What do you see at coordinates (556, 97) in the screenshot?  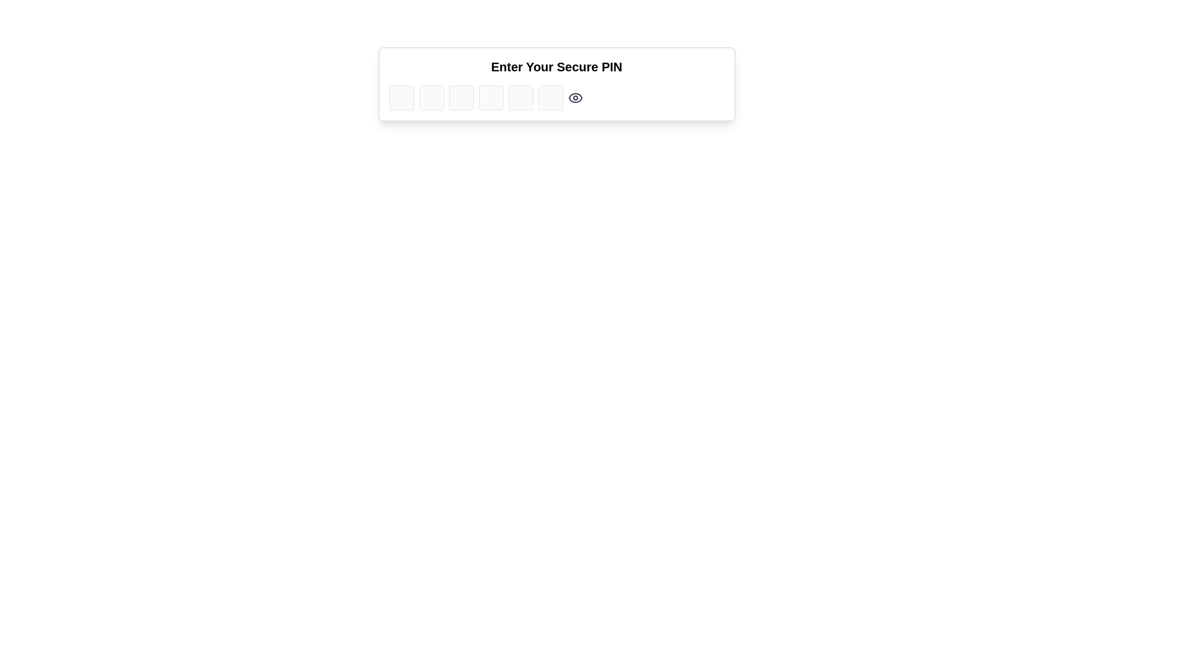 I see `the first input field of the PIN entry component for focus effects, which consists of six input fields styled as small squares` at bounding box center [556, 97].